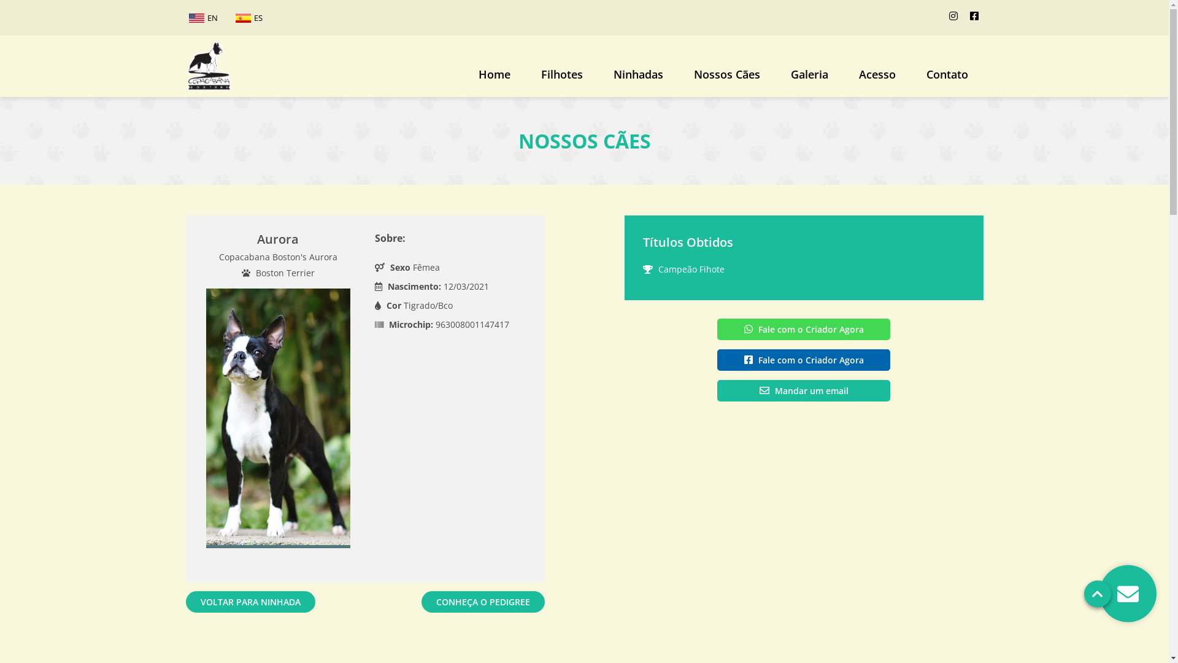 The height and width of the screenshot is (663, 1178). What do you see at coordinates (952, 16) in the screenshot?
I see `'Instagram'` at bounding box center [952, 16].